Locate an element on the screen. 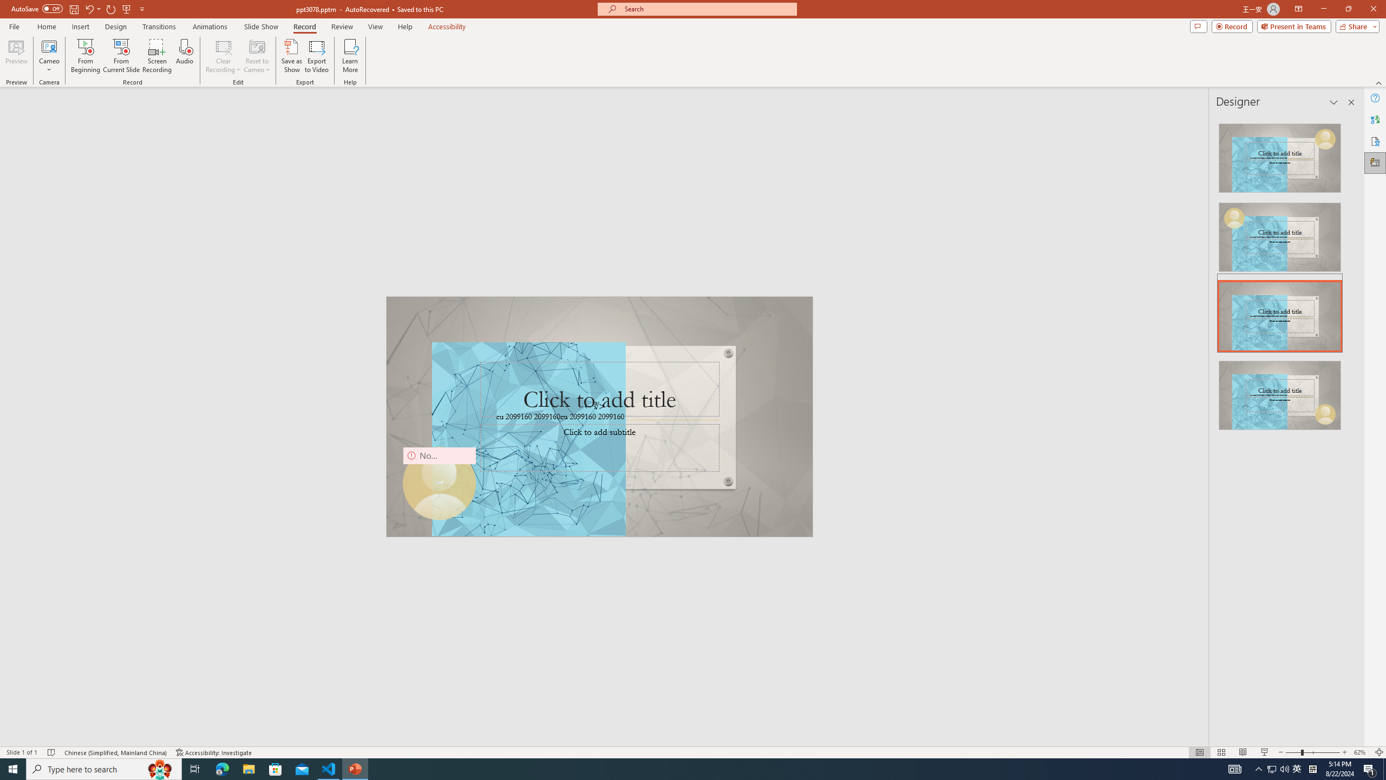  'Zoom 62%' is located at coordinates (1362, 752).